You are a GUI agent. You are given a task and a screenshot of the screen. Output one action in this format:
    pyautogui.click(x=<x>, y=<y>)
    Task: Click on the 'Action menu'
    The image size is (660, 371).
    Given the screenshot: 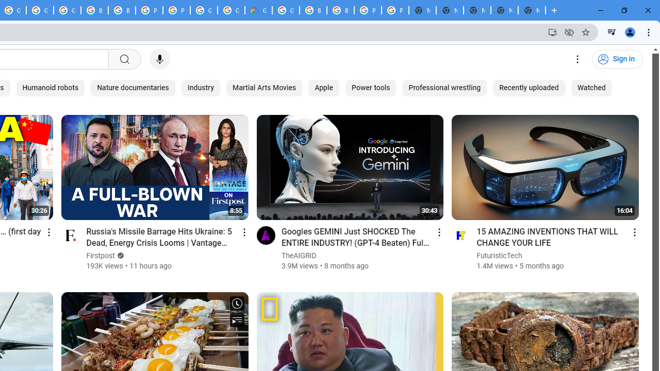 What is the action you would take?
    pyautogui.click(x=634, y=232)
    